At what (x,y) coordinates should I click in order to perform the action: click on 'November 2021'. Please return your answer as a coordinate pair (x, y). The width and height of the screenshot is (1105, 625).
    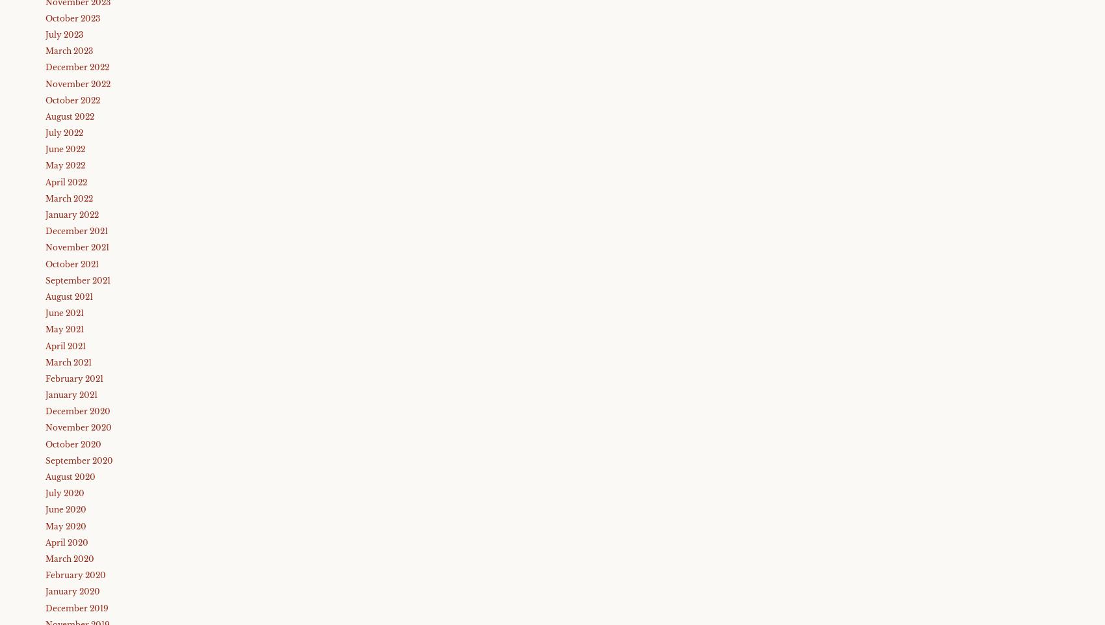
    Looking at the image, I should click on (77, 247).